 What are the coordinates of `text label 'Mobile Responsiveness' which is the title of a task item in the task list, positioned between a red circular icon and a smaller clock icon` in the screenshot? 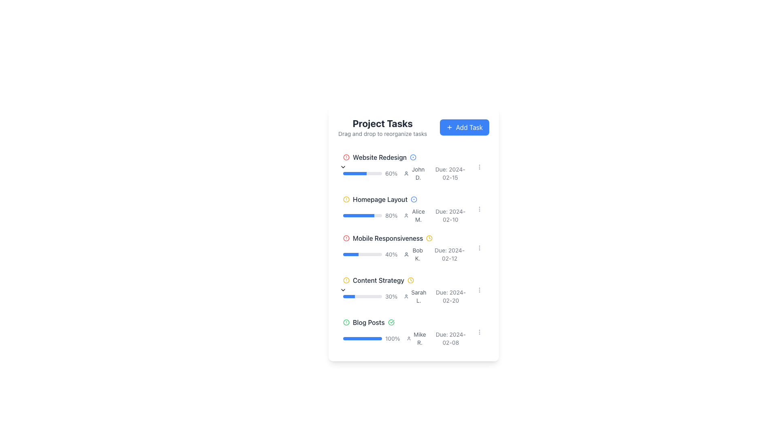 It's located at (387, 238).